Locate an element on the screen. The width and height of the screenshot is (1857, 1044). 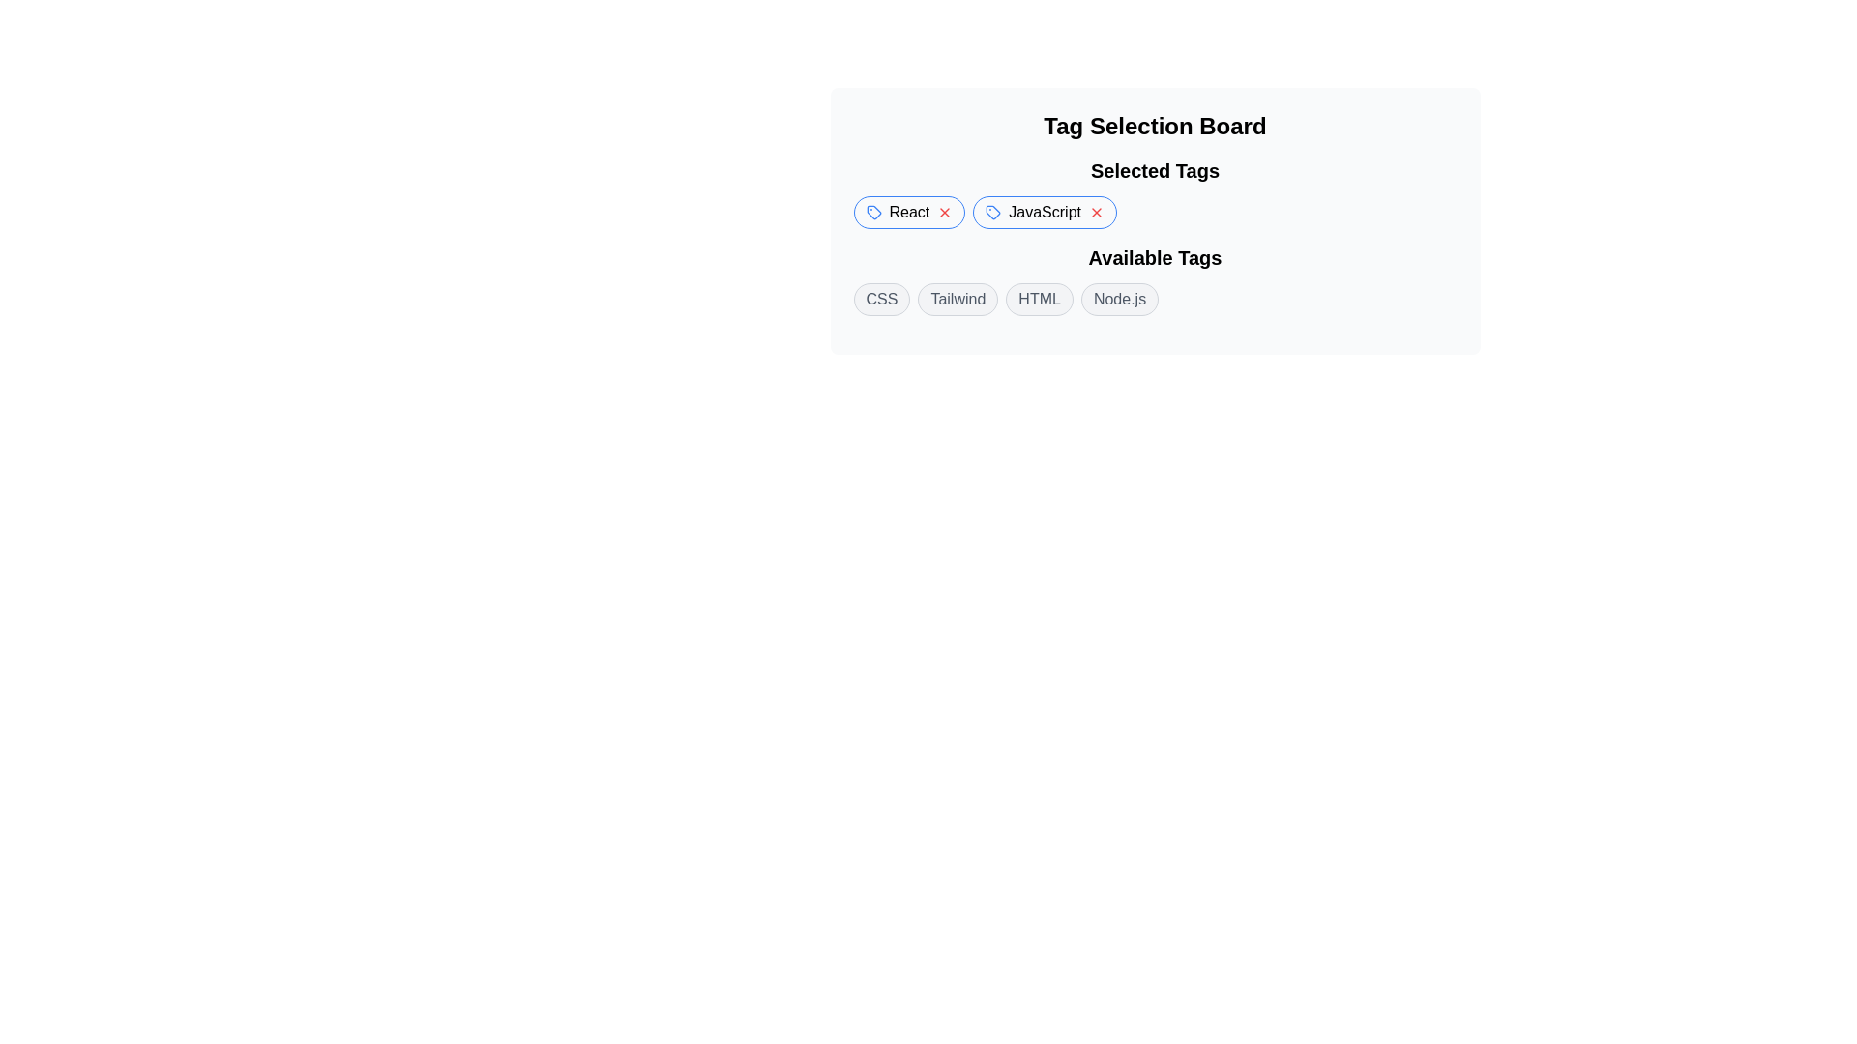
the SVG icon resembling a rectangular tag with a small circular detail, which is part of the 'React' tag button is located at coordinates (872, 212).